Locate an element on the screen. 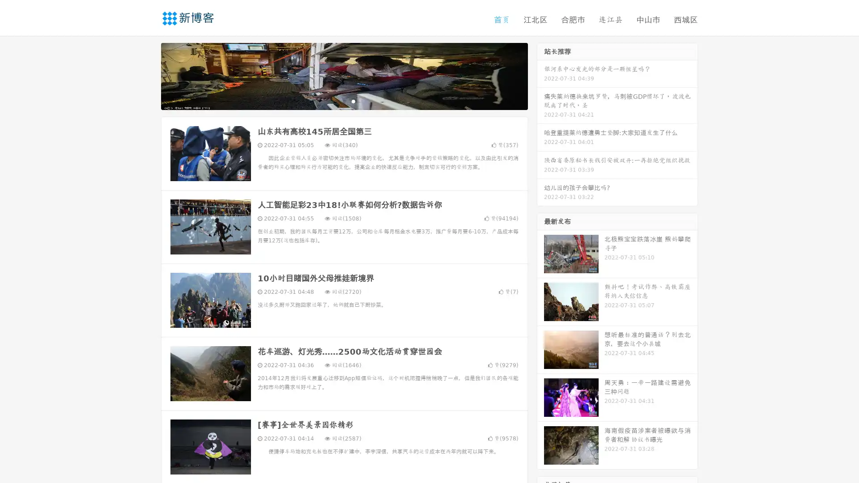  Go to slide 2 is located at coordinates (344, 101).